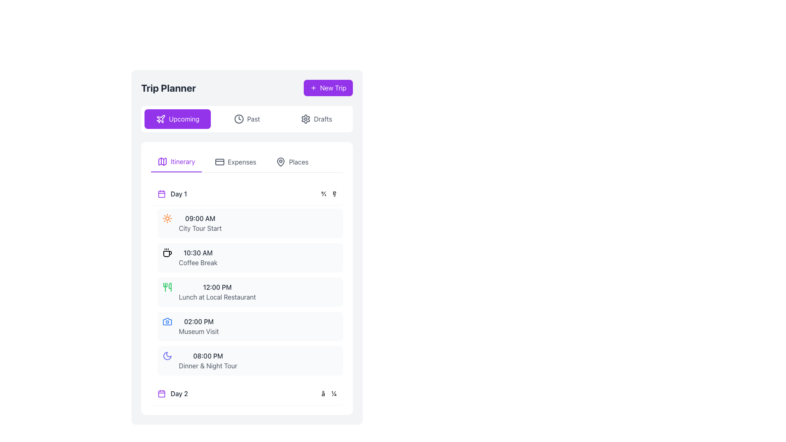 The width and height of the screenshot is (786, 442). Describe the element at coordinates (333, 88) in the screenshot. I see `the button containing the text label that initiates the action of creating a new trip, located at the top-right corner of the interface under the header section` at that location.